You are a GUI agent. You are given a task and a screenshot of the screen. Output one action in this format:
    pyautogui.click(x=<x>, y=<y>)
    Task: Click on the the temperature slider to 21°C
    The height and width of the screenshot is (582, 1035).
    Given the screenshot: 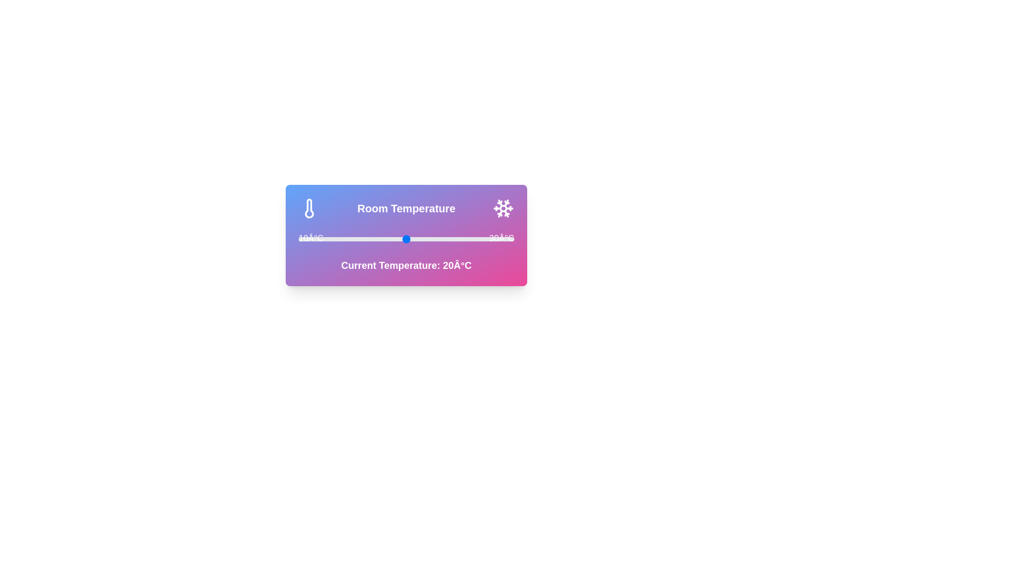 What is the action you would take?
    pyautogui.click(x=416, y=238)
    